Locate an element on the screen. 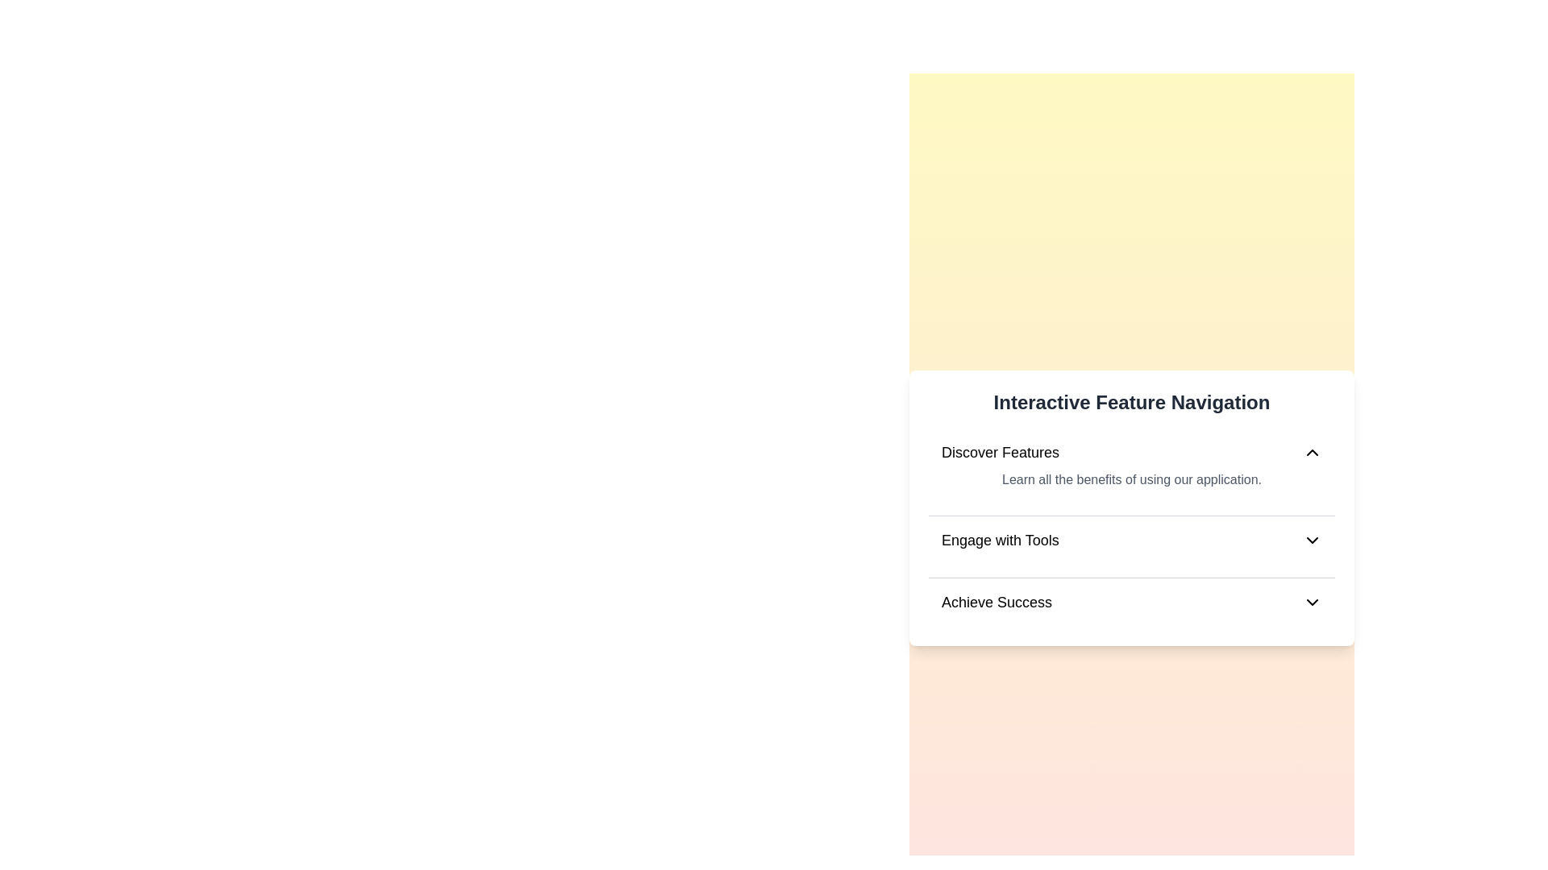 This screenshot has height=870, width=1548. the element corresponding to Achieve Success is located at coordinates (1130, 603).